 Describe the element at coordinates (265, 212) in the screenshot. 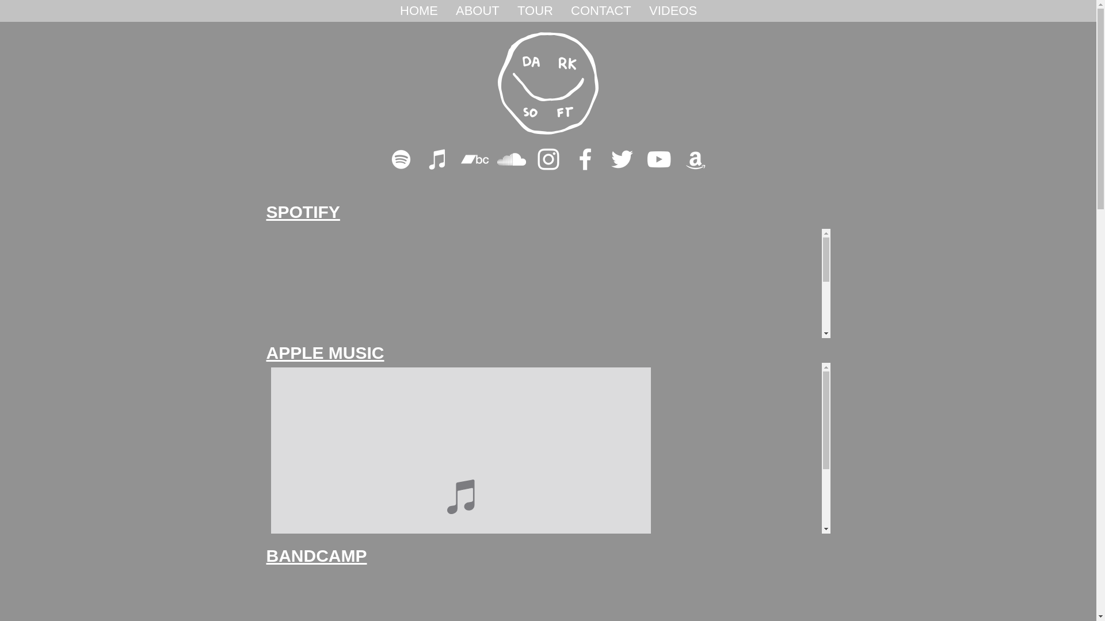

I see `'SPOTIFY'` at that location.